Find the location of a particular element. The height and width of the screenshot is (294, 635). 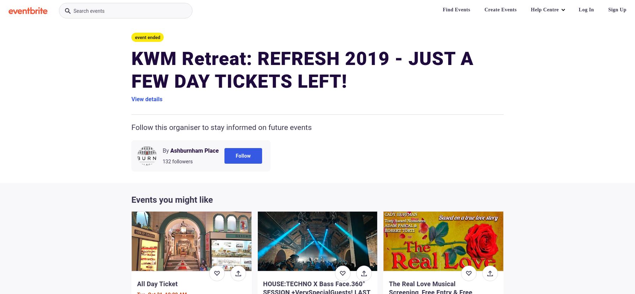

'Help Centre' is located at coordinates (544, 10).